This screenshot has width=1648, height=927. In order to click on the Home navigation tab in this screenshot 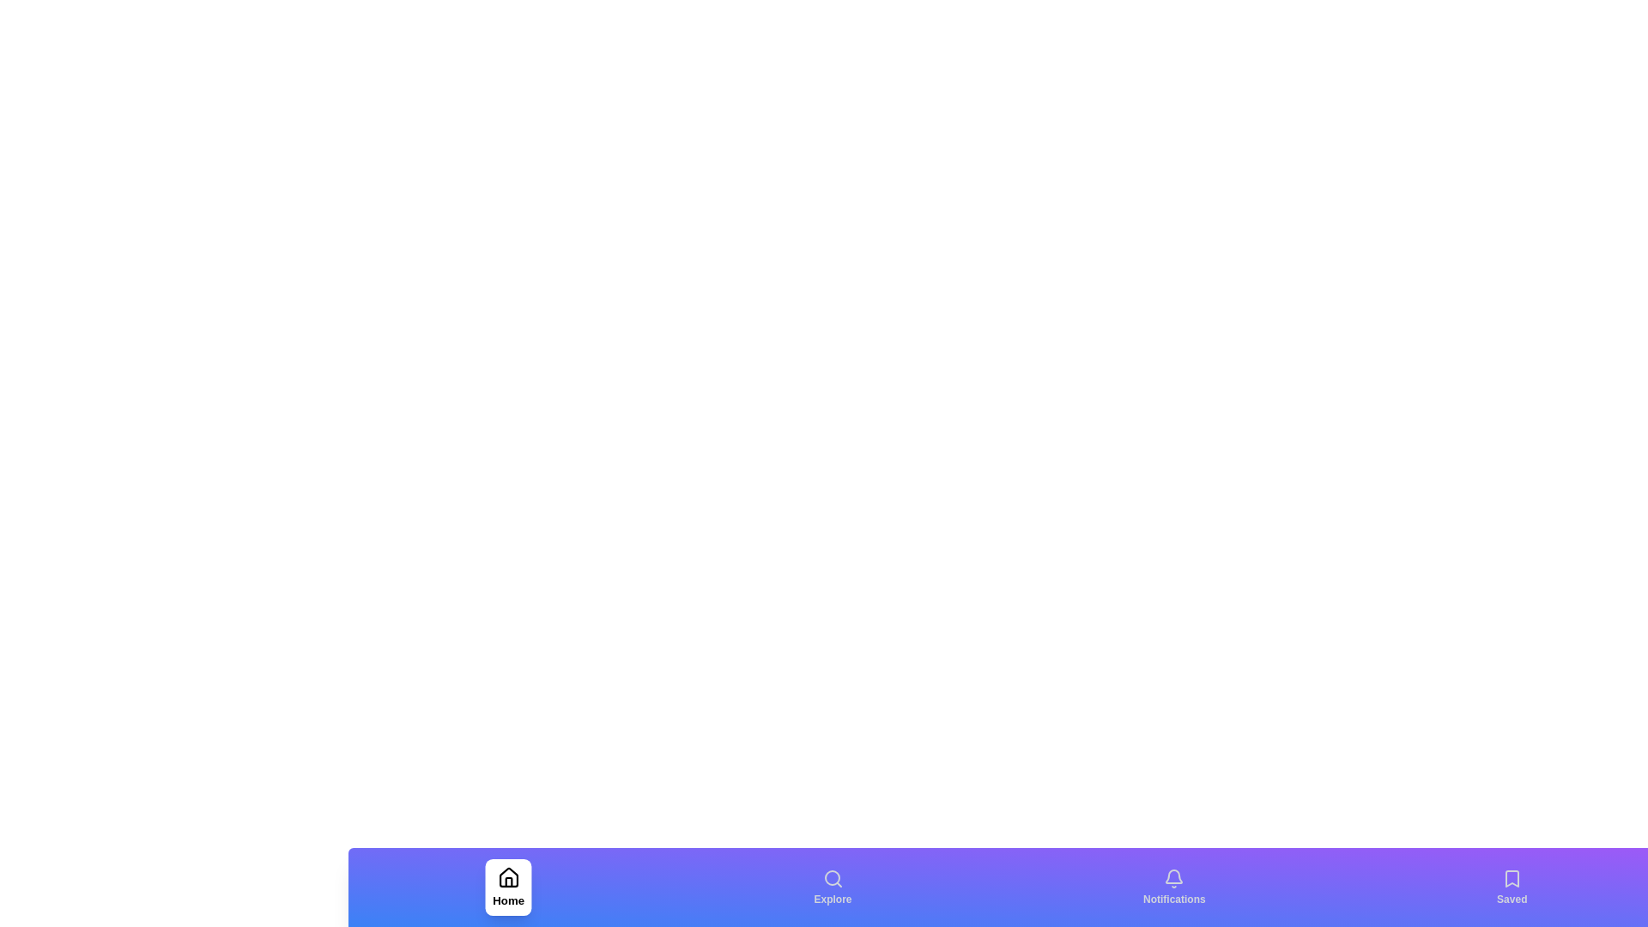, I will do `click(507, 887)`.